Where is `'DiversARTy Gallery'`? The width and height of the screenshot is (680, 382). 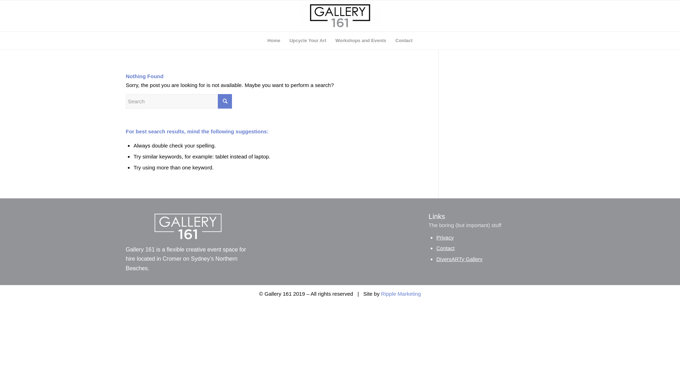 'DiversARTy Gallery' is located at coordinates (459, 259).